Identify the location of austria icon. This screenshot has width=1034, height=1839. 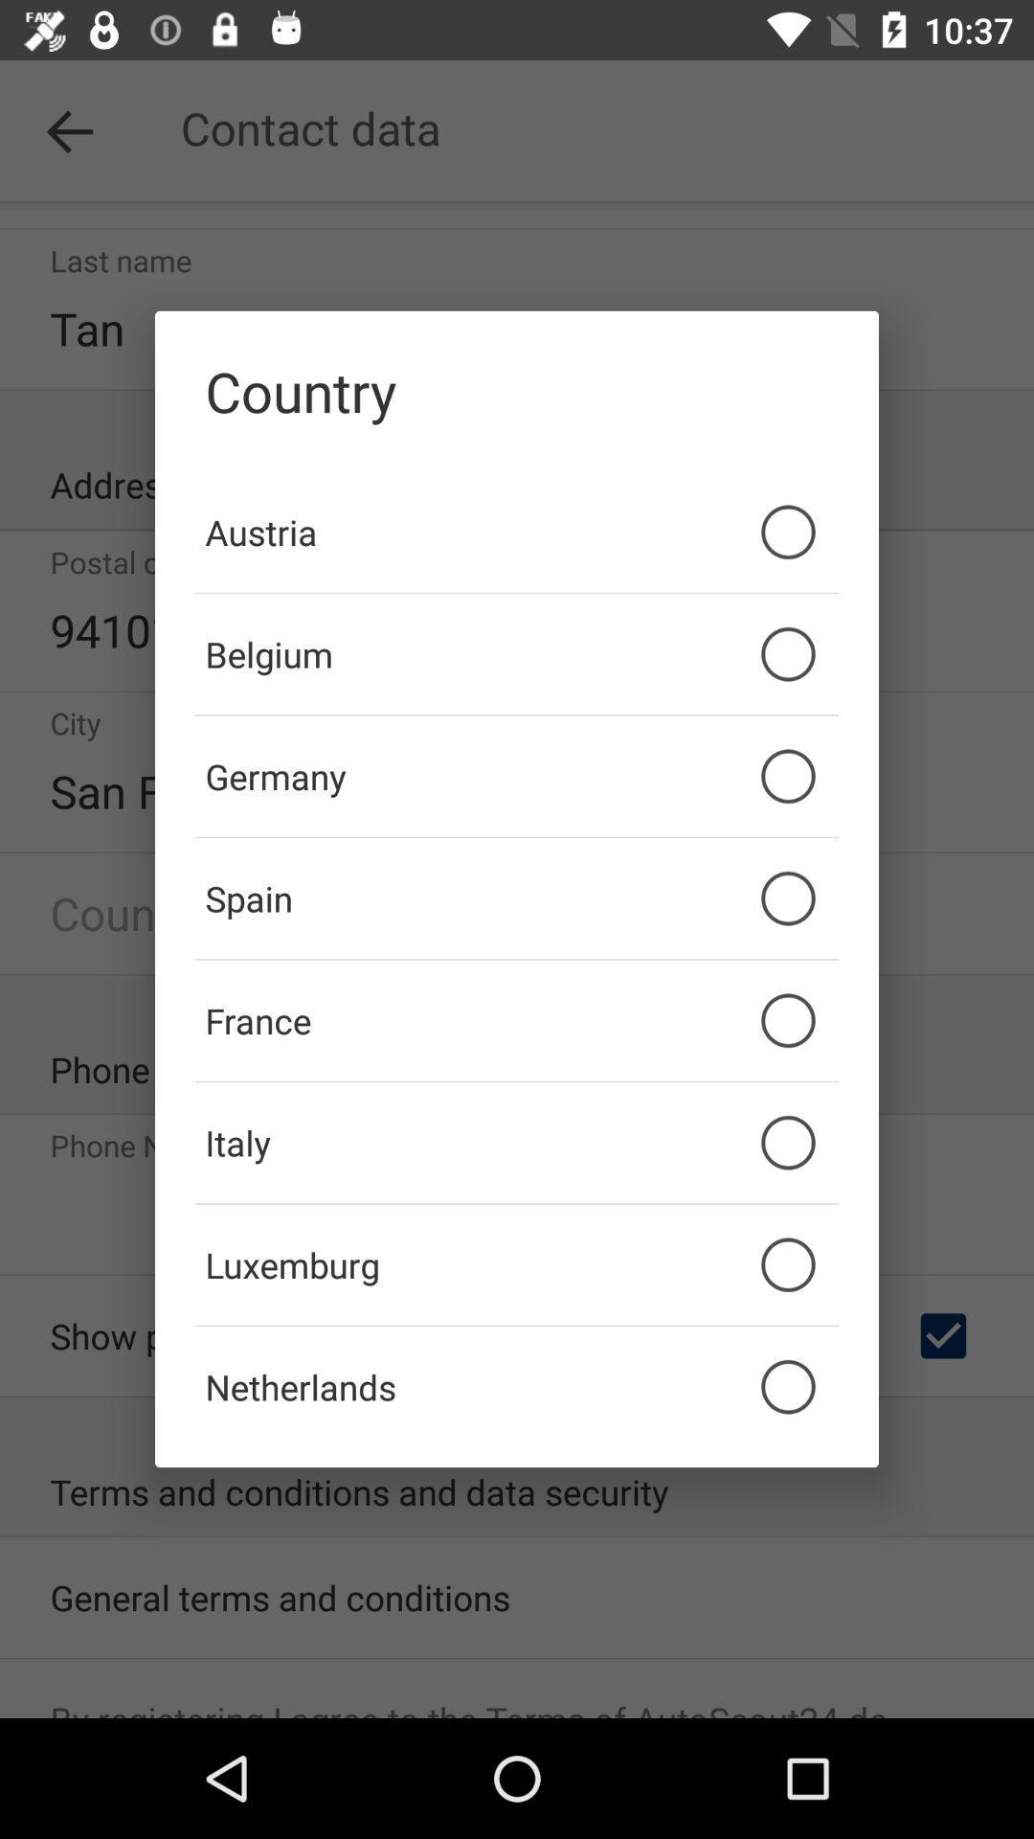
(517, 532).